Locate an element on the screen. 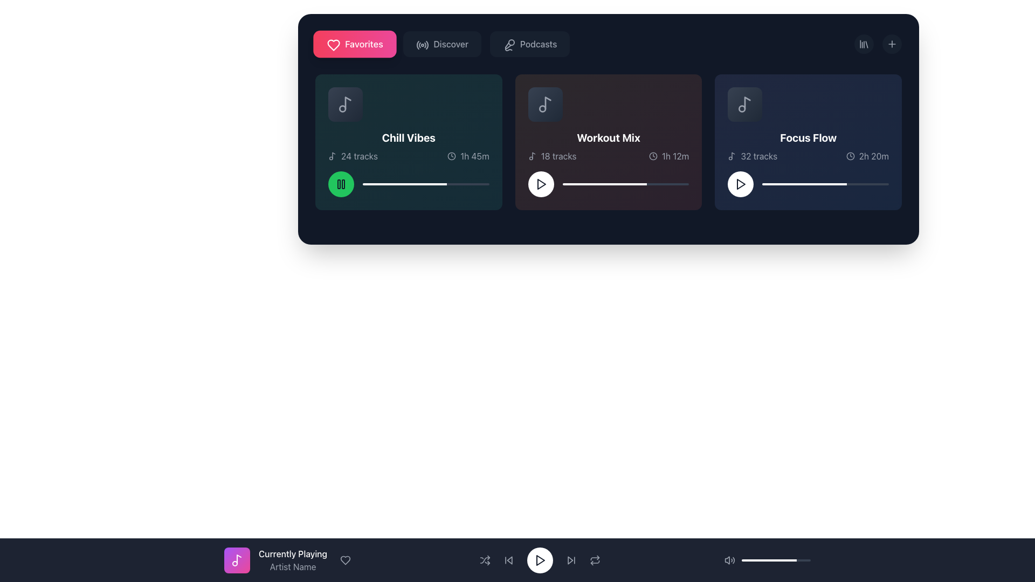 This screenshot has height=582, width=1035. the heart icon representing the 'Favorites' category, located at the top left section of the interface is located at coordinates (333, 45).